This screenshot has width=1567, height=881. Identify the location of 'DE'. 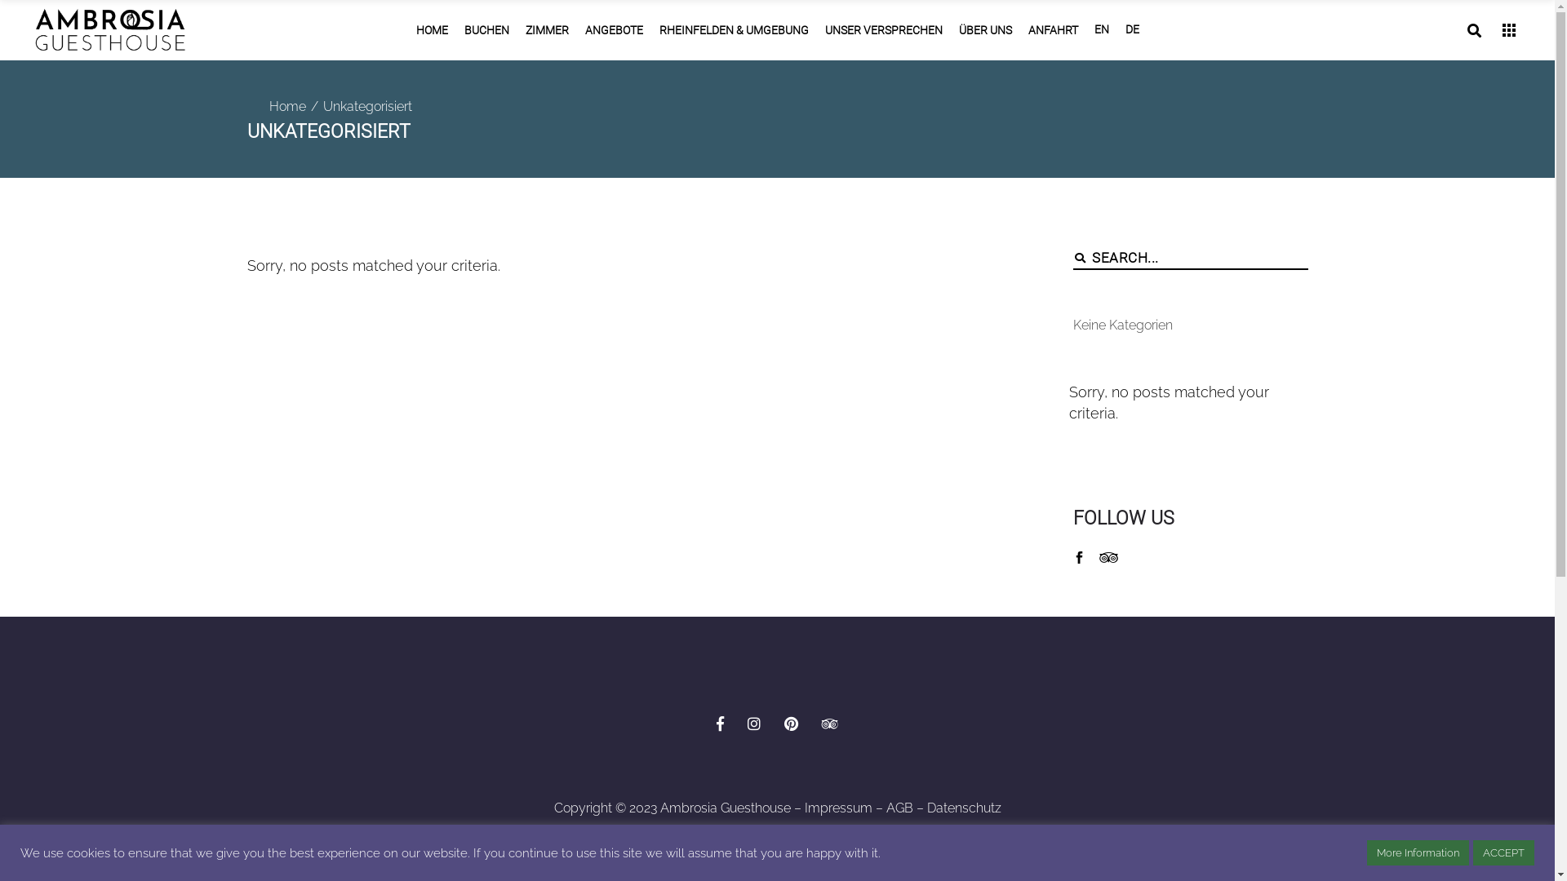
(1130, 30).